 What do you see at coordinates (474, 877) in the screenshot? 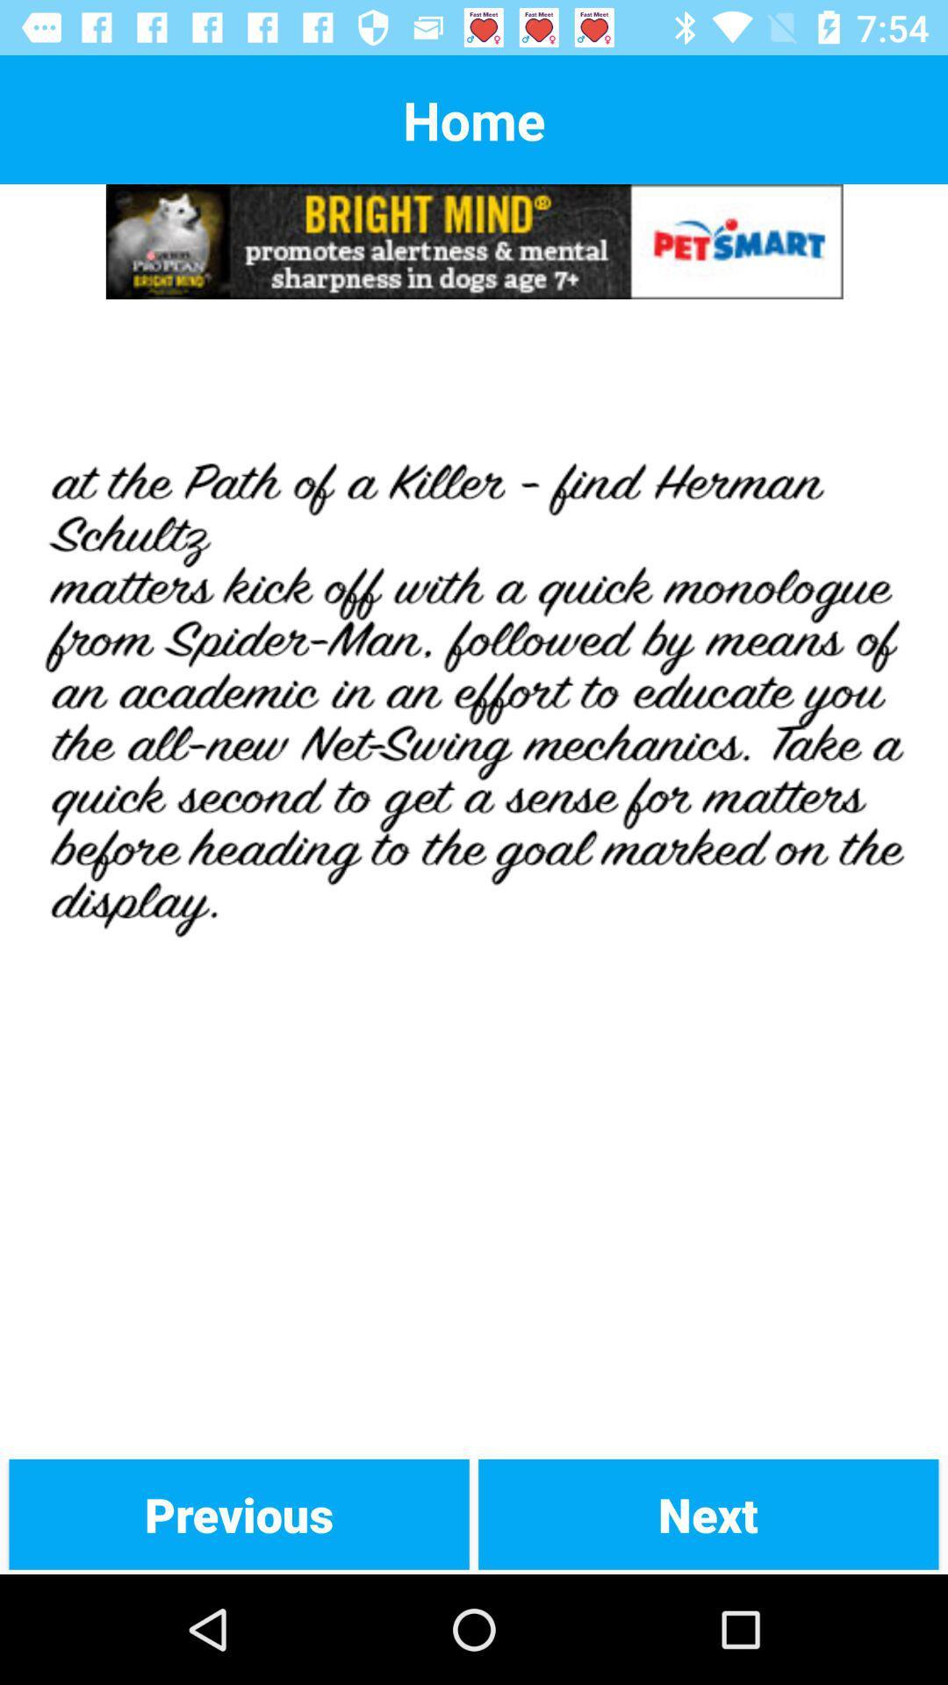
I see `the page` at bounding box center [474, 877].